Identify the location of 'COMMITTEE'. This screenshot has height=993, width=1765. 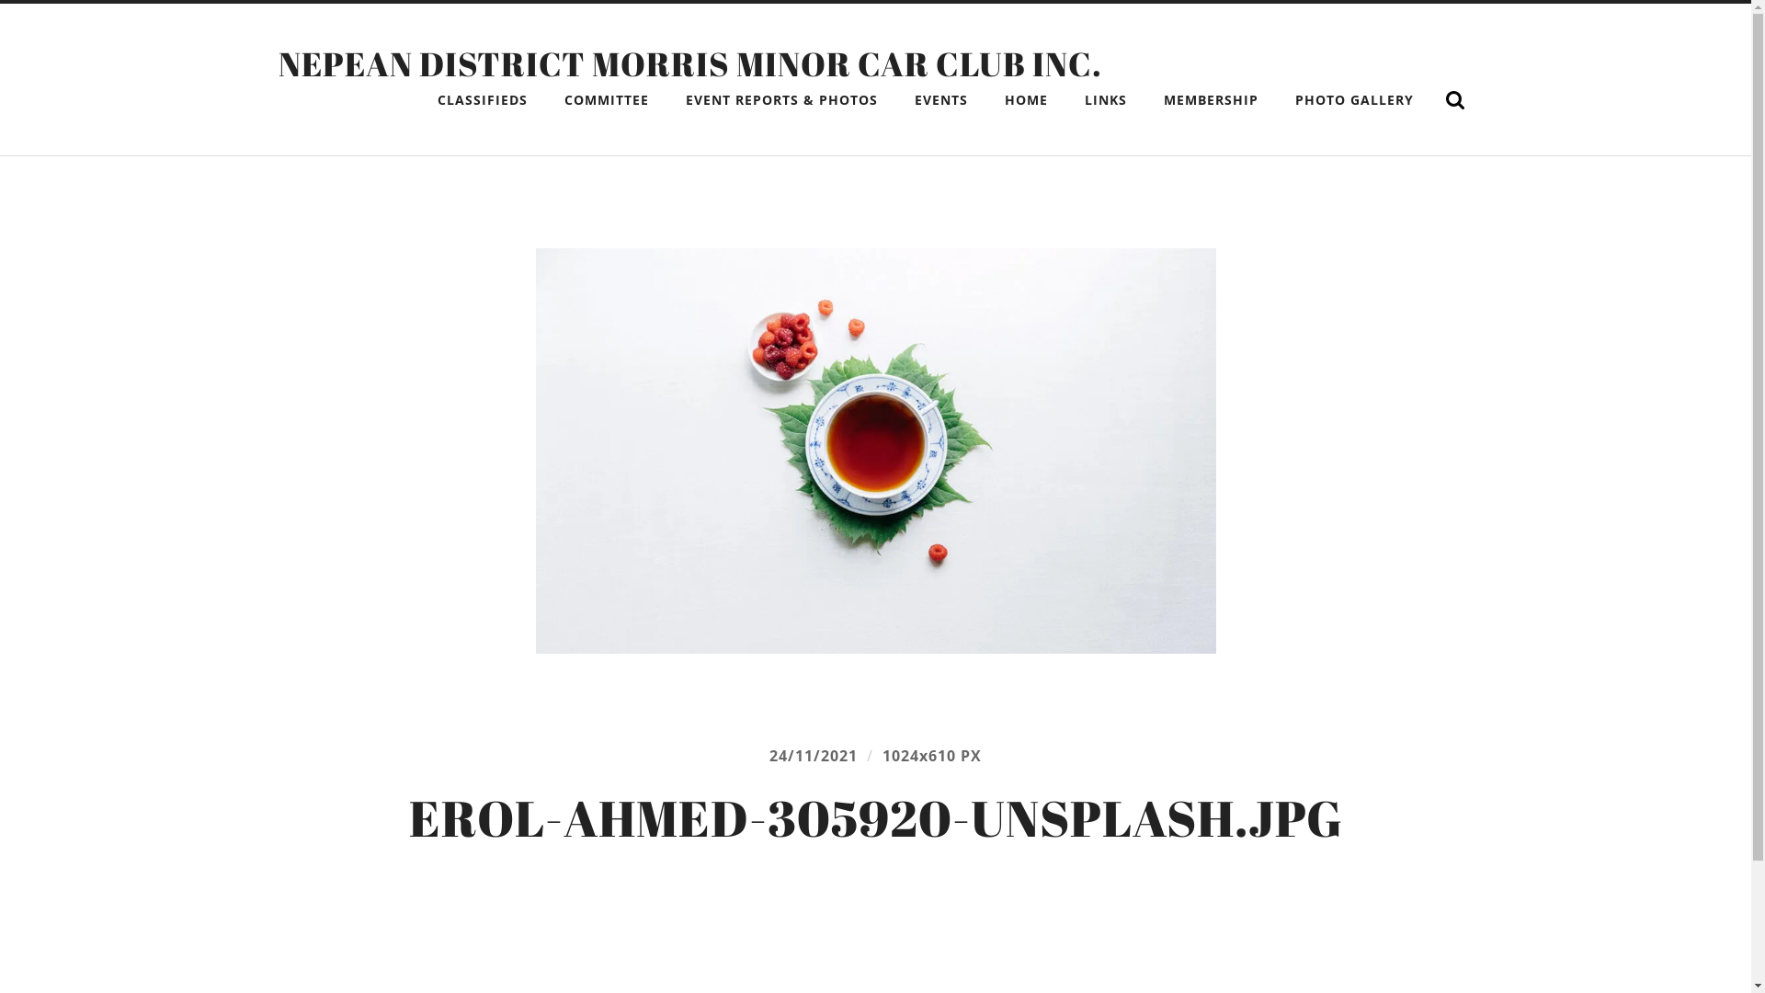
(605, 99).